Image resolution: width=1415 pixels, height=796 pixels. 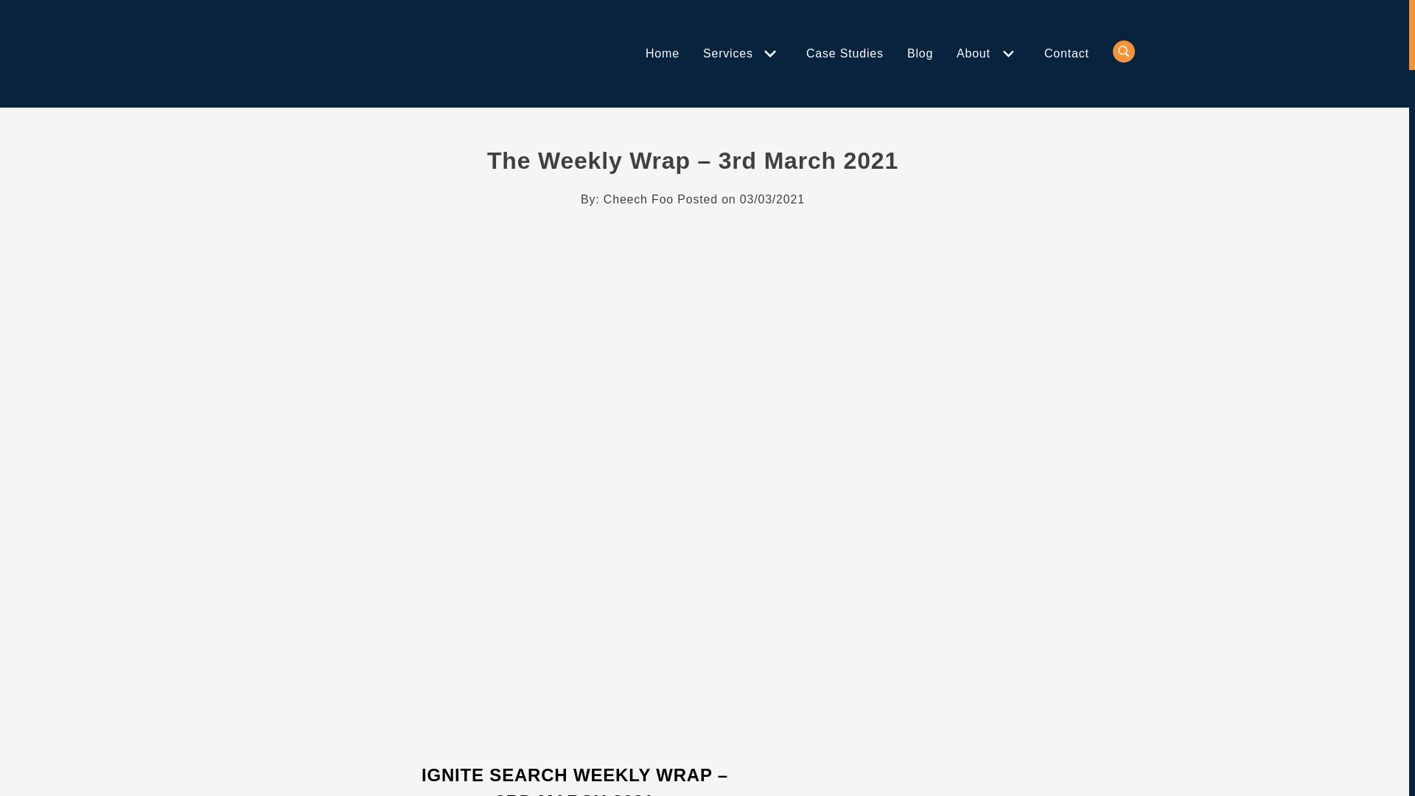 I want to click on 'Case Studies', so click(x=845, y=53).